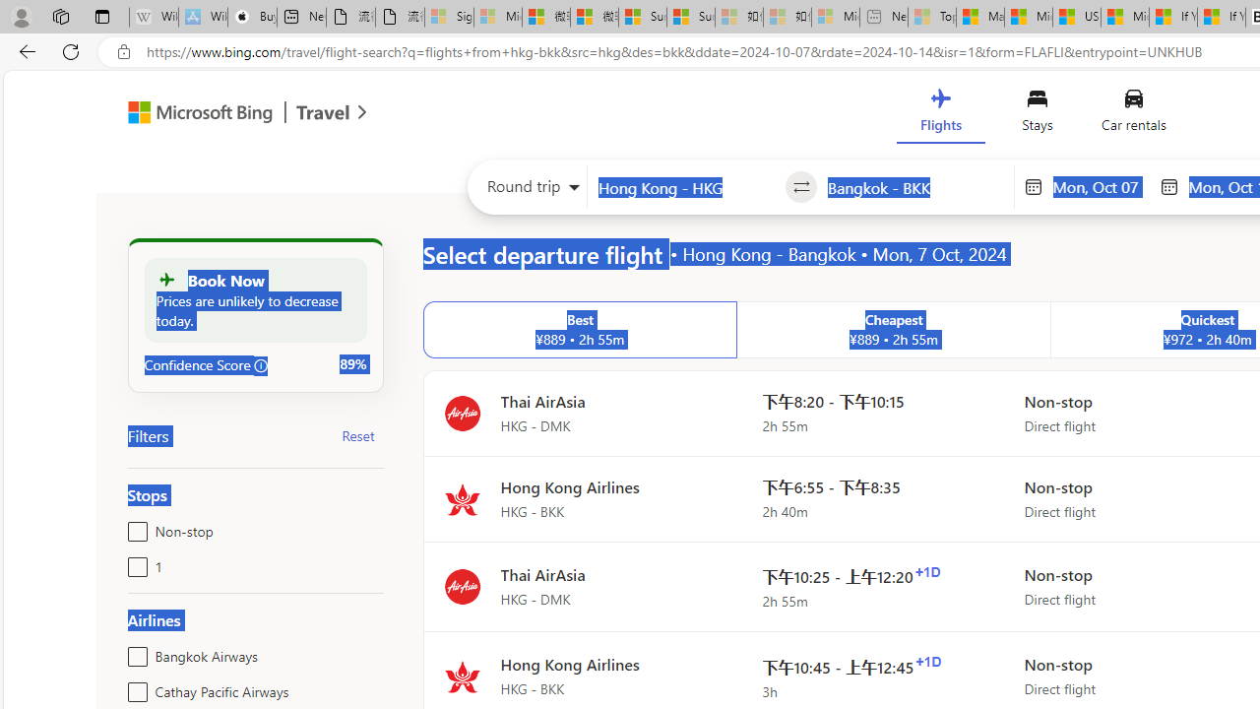 This screenshot has width=1260, height=709. I want to click on 'Reset', so click(358, 434).